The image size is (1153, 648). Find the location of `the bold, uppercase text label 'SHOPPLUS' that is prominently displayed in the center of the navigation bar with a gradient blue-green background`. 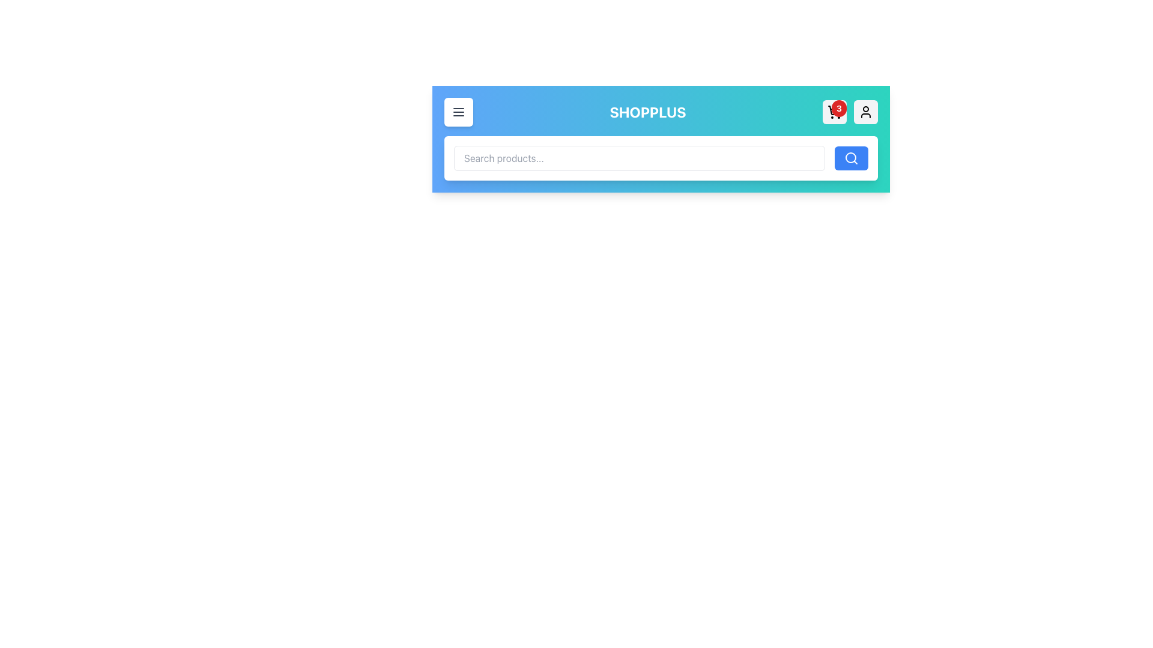

the bold, uppercase text label 'SHOPPLUS' that is prominently displayed in the center of the navigation bar with a gradient blue-green background is located at coordinates (647, 112).